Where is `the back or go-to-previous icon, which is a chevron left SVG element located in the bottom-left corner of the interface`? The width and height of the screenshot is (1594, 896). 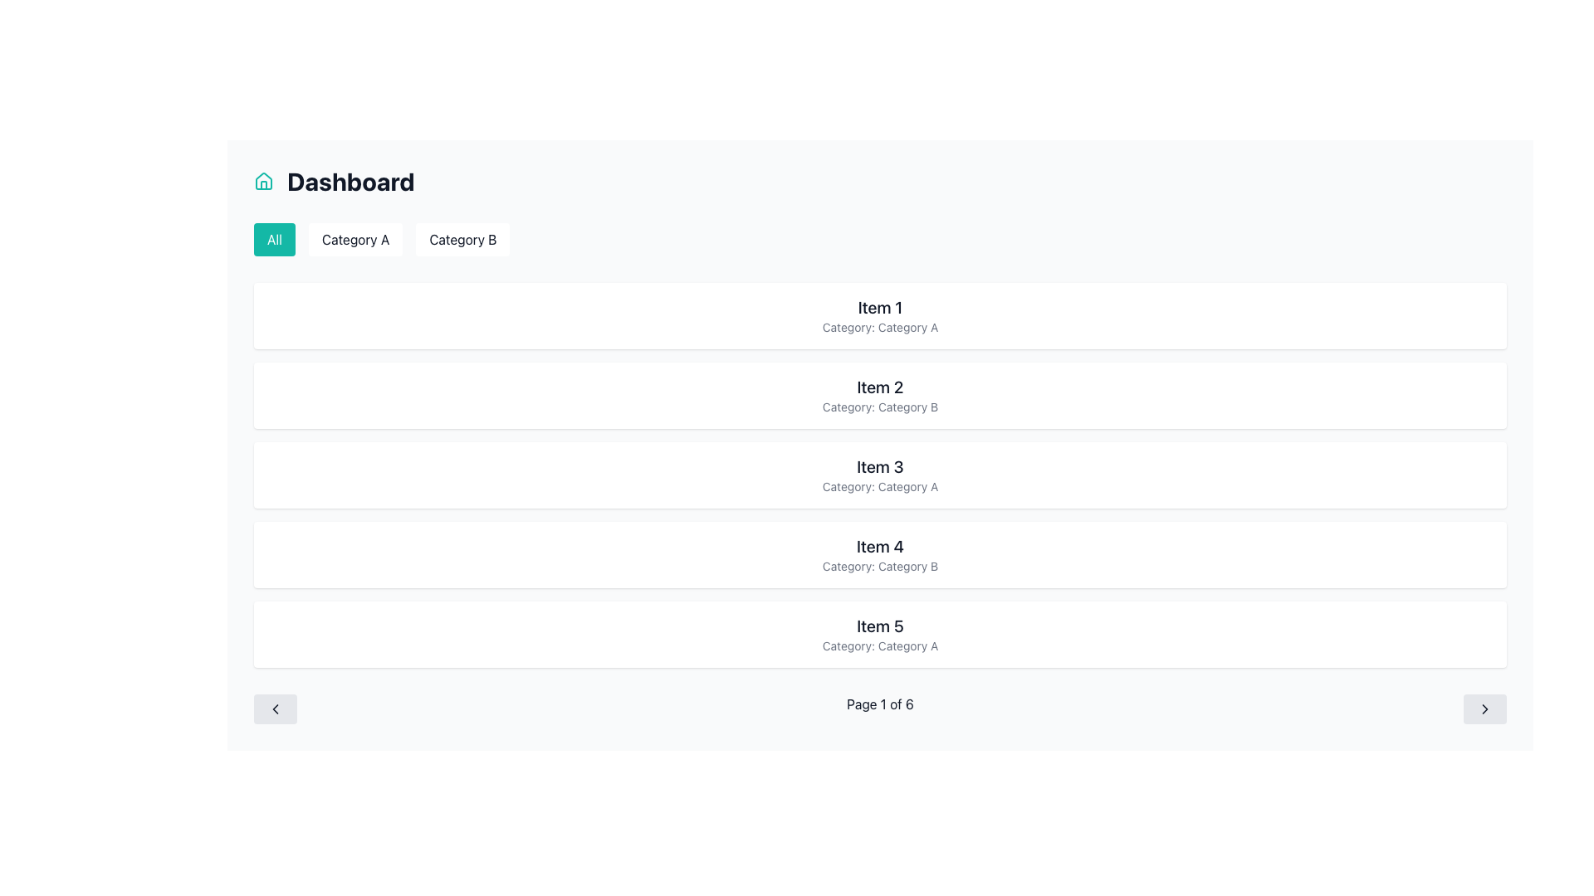
the back or go-to-previous icon, which is a chevron left SVG element located in the bottom-left corner of the interface is located at coordinates (275, 709).